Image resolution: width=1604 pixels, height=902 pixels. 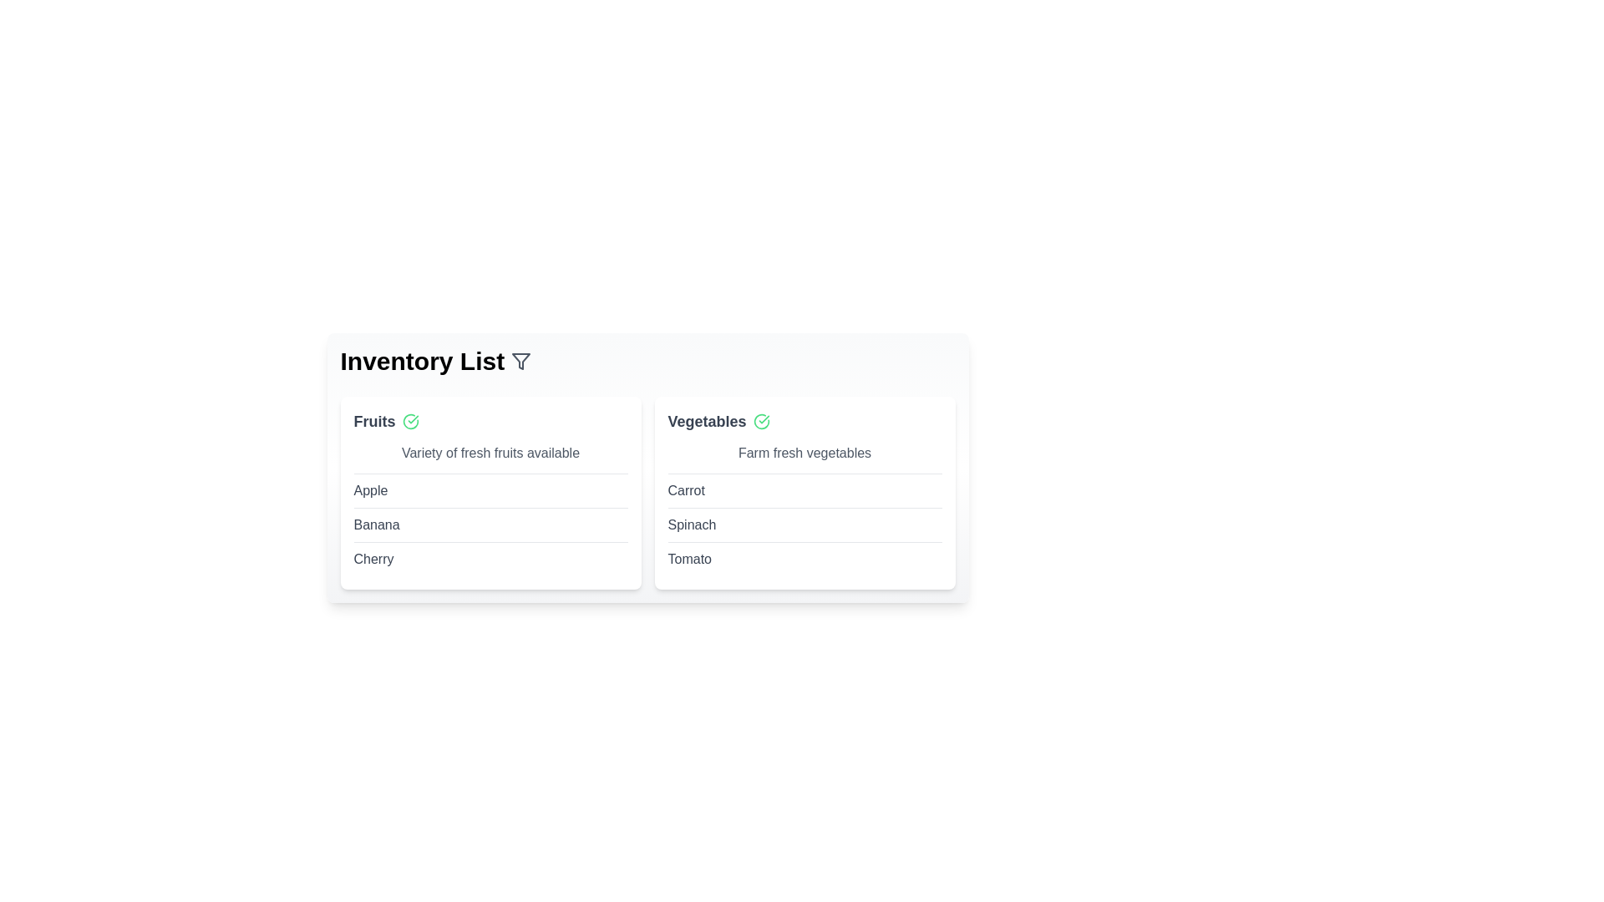 I want to click on the item Cherry to check for context menu options, so click(x=373, y=560).